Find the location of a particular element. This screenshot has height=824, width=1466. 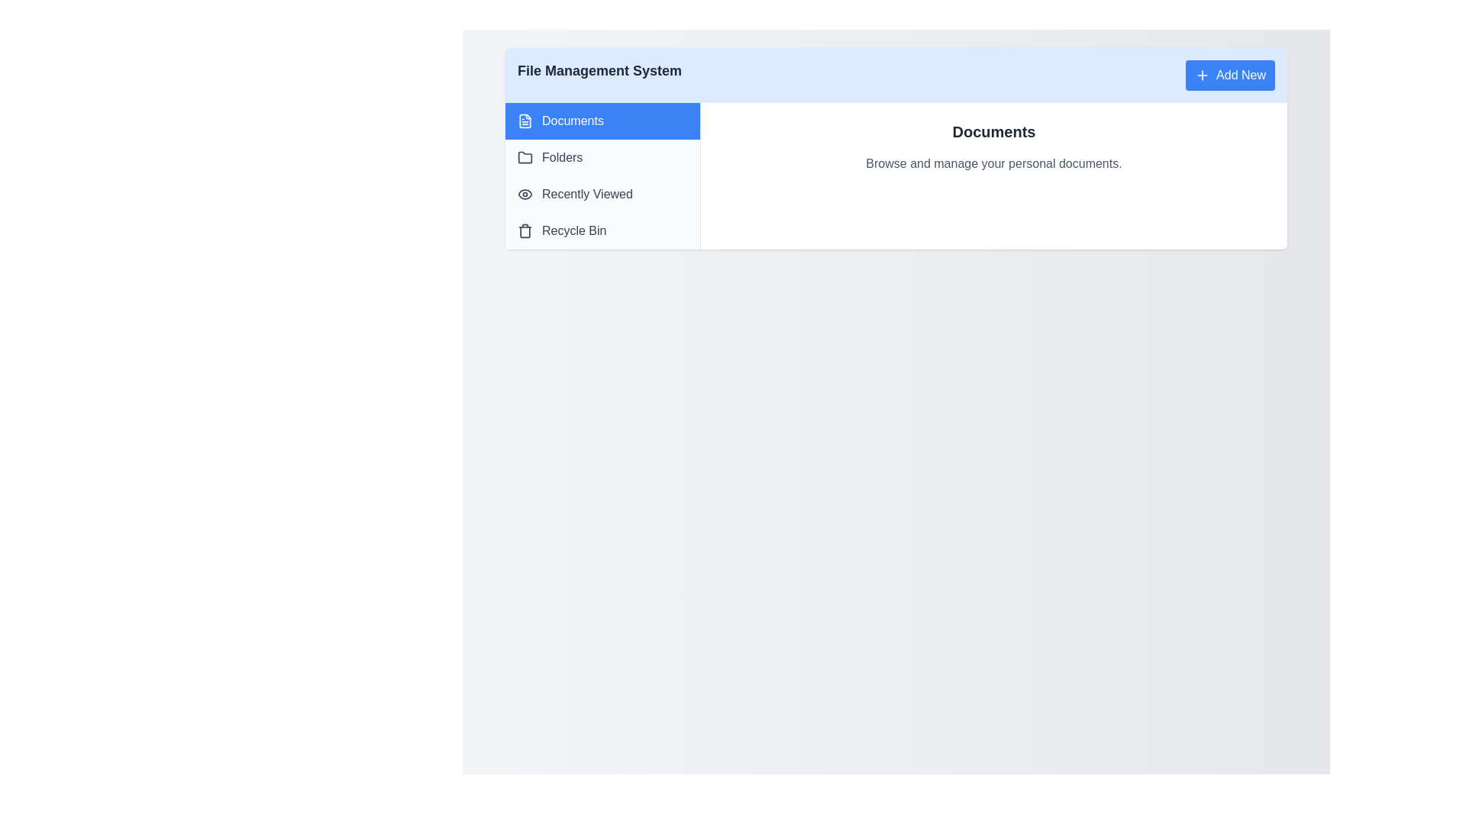

the folder icon in the sidebar navigation panel is located at coordinates (525, 158).